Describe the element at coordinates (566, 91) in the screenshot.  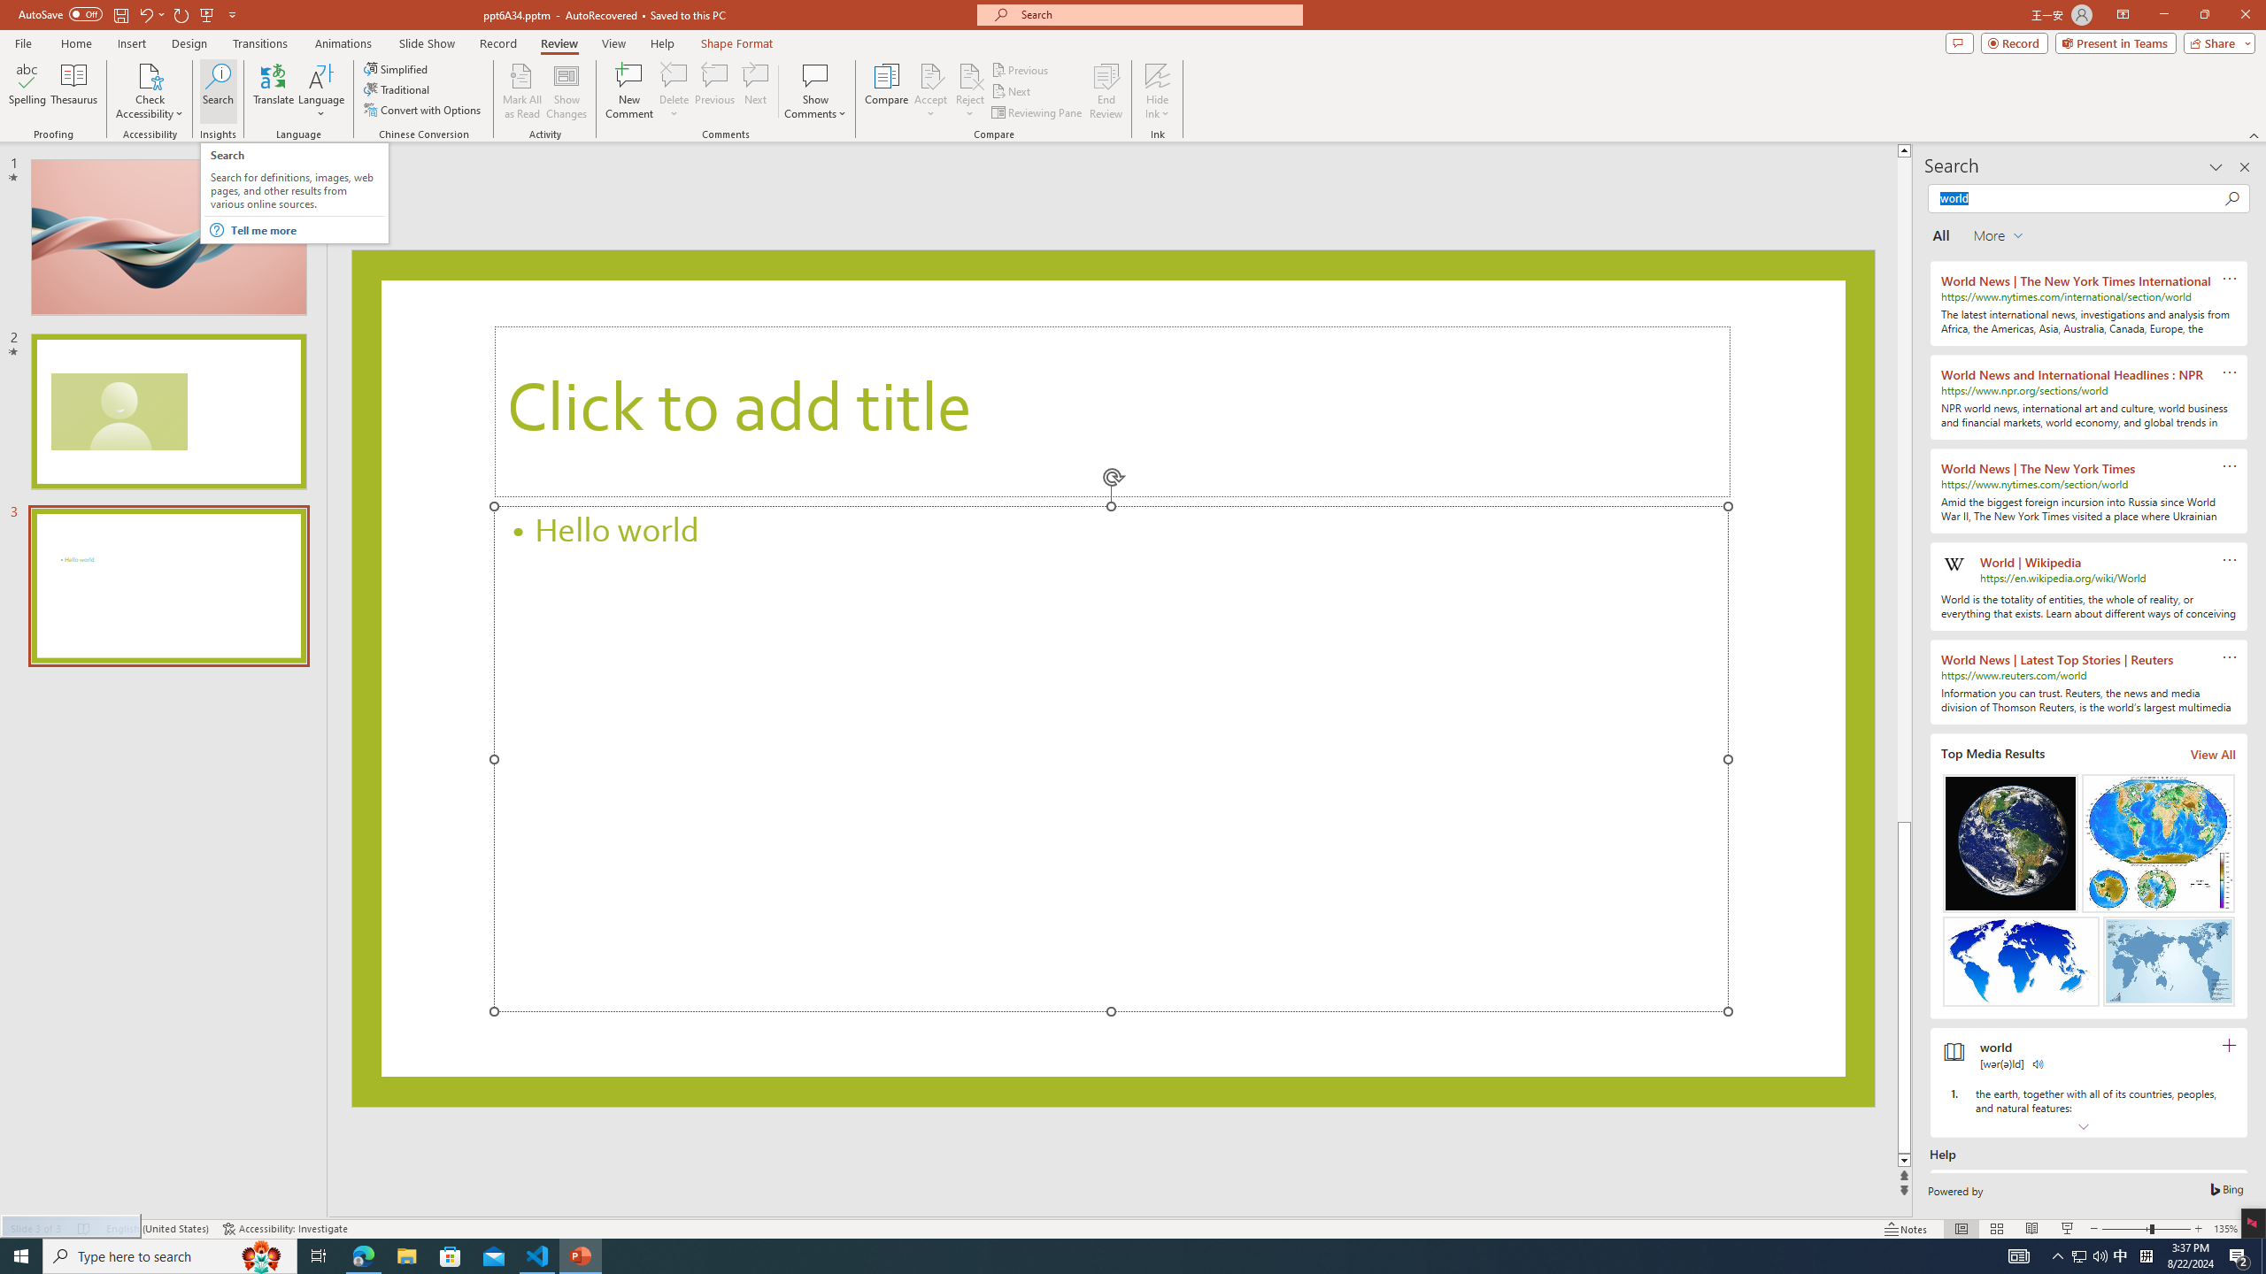
I see `'Show Changes'` at that location.